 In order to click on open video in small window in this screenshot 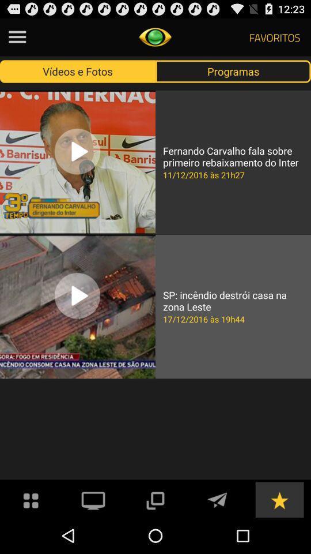, I will do `click(155, 499)`.